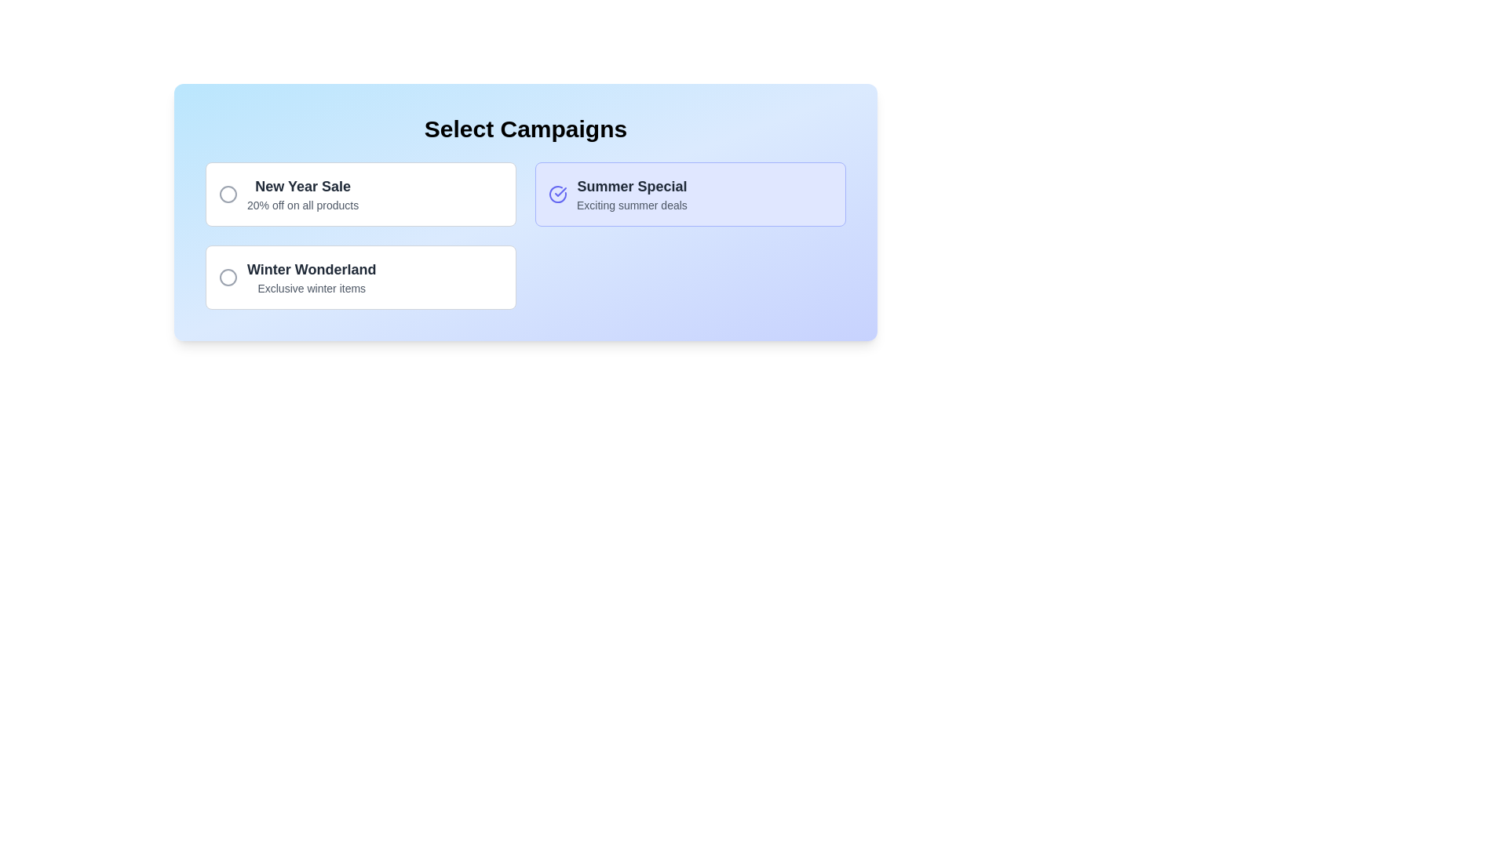 This screenshot has width=1507, height=847. Describe the element at coordinates (360, 193) in the screenshot. I see `the 'New Year Sale' selectable card, which is the first card in a grid layout` at that location.